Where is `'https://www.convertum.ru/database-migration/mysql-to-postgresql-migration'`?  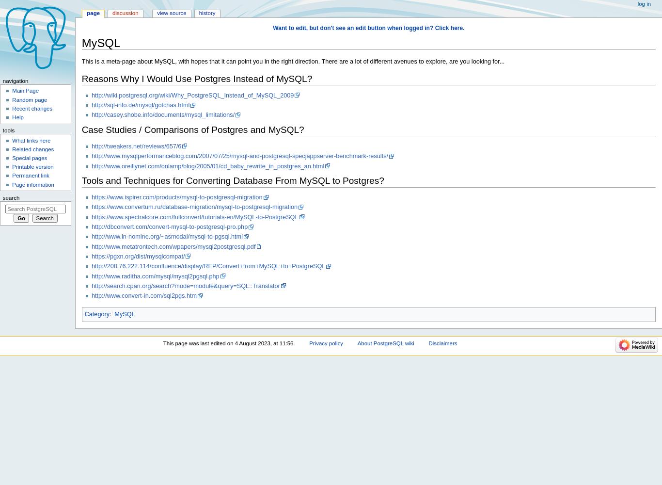 'https://www.convertum.ru/database-migration/mysql-to-postgresql-migration' is located at coordinates (194, 207).